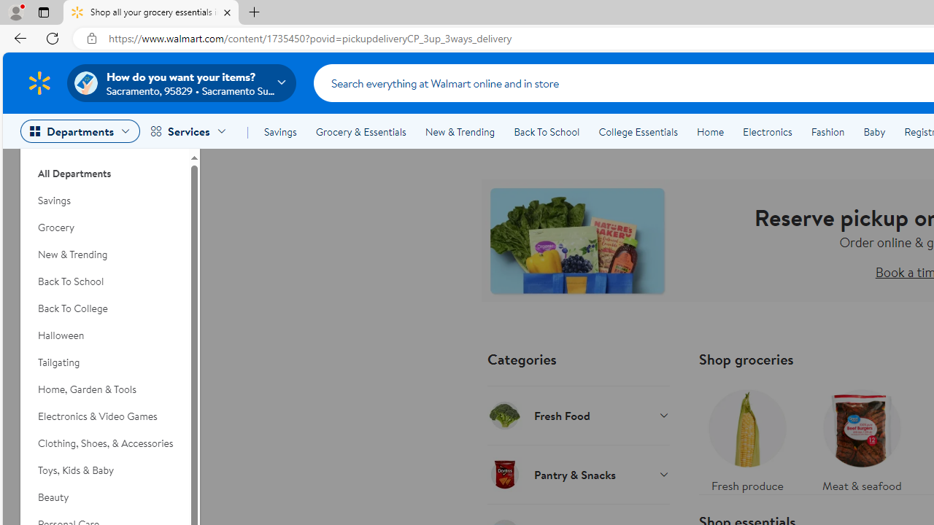  What do you see at coordinates (747, 436) in the screenshot?
I see `'Fresh produce'` at bounding box center [747, 436].